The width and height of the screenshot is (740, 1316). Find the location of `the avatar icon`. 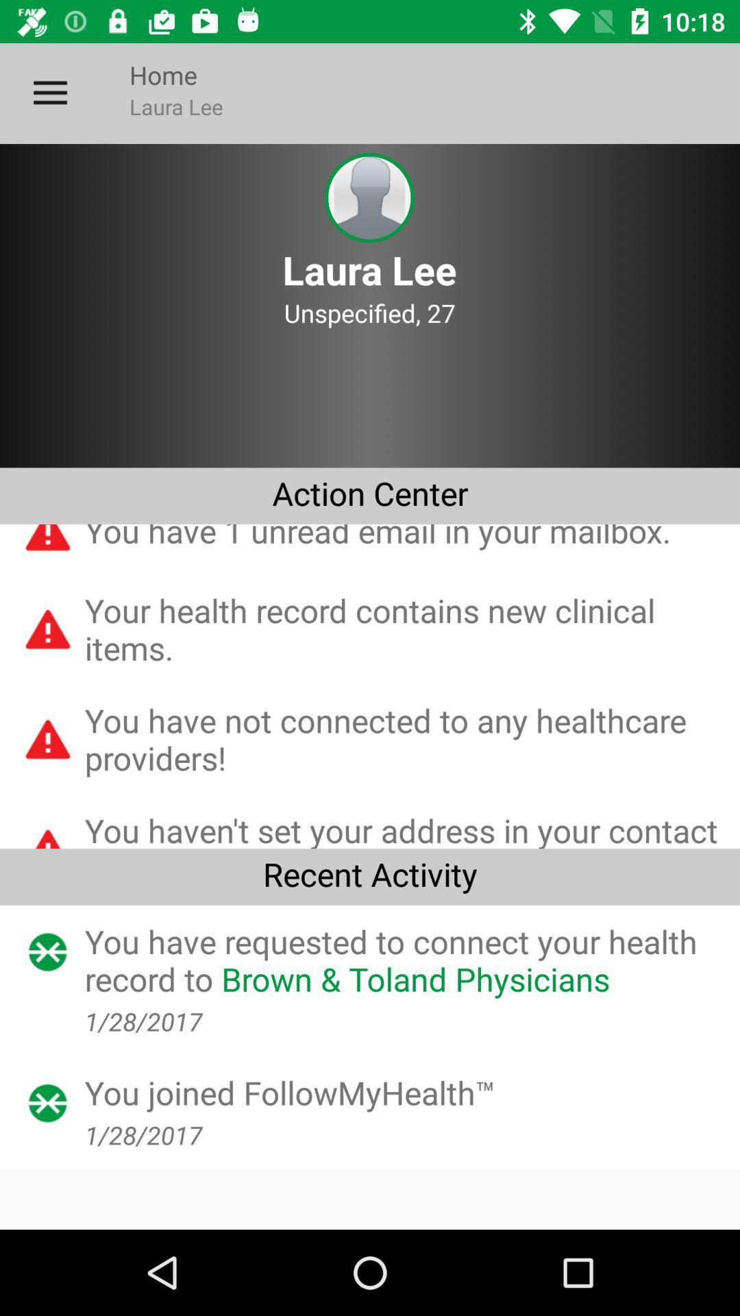

the avatar icon is located at coordinates (369, 197).